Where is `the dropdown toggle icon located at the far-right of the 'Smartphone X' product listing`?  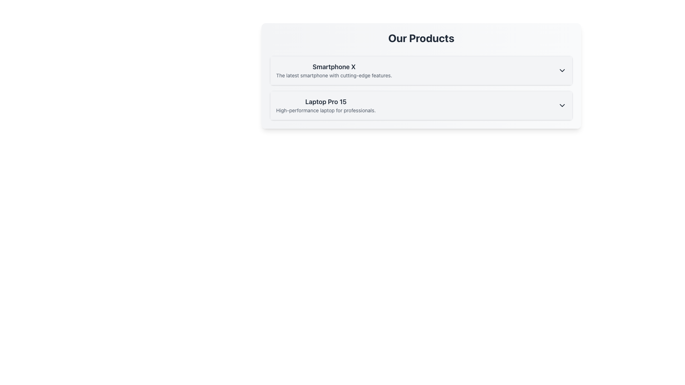 the dropdown toggle icon located at the far-right of the 'Smartphone X' product listing is located at coordinates (562, 70).